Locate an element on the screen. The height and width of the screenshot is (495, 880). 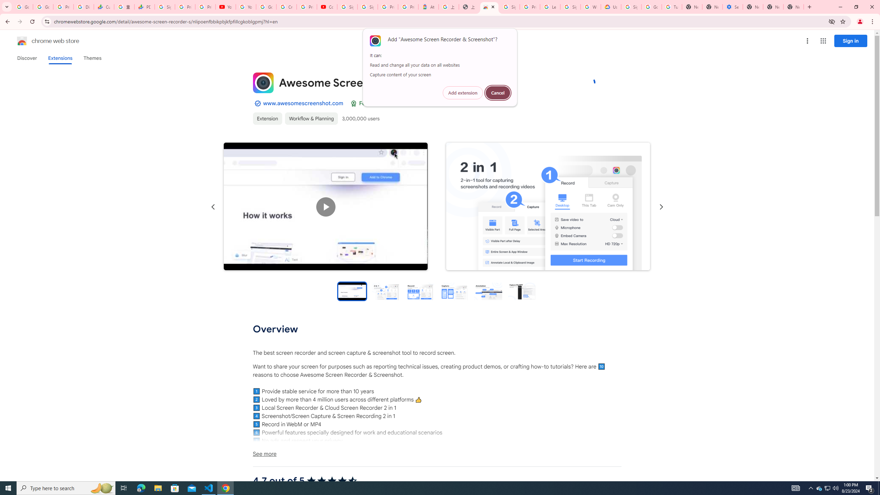
'Visual Studio Code - 1 running window' is located at coordinates (209, 487).